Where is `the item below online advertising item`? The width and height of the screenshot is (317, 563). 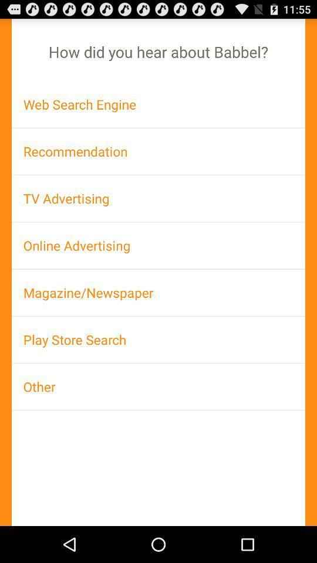 the item below online advertising item is located at coordinates (158, 292).